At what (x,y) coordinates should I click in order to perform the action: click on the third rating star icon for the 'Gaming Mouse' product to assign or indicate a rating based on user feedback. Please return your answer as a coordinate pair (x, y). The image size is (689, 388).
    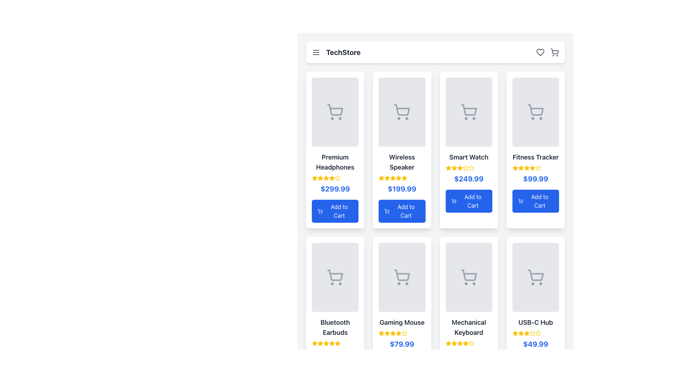
    Looking at the image, I should click on (387, 333).